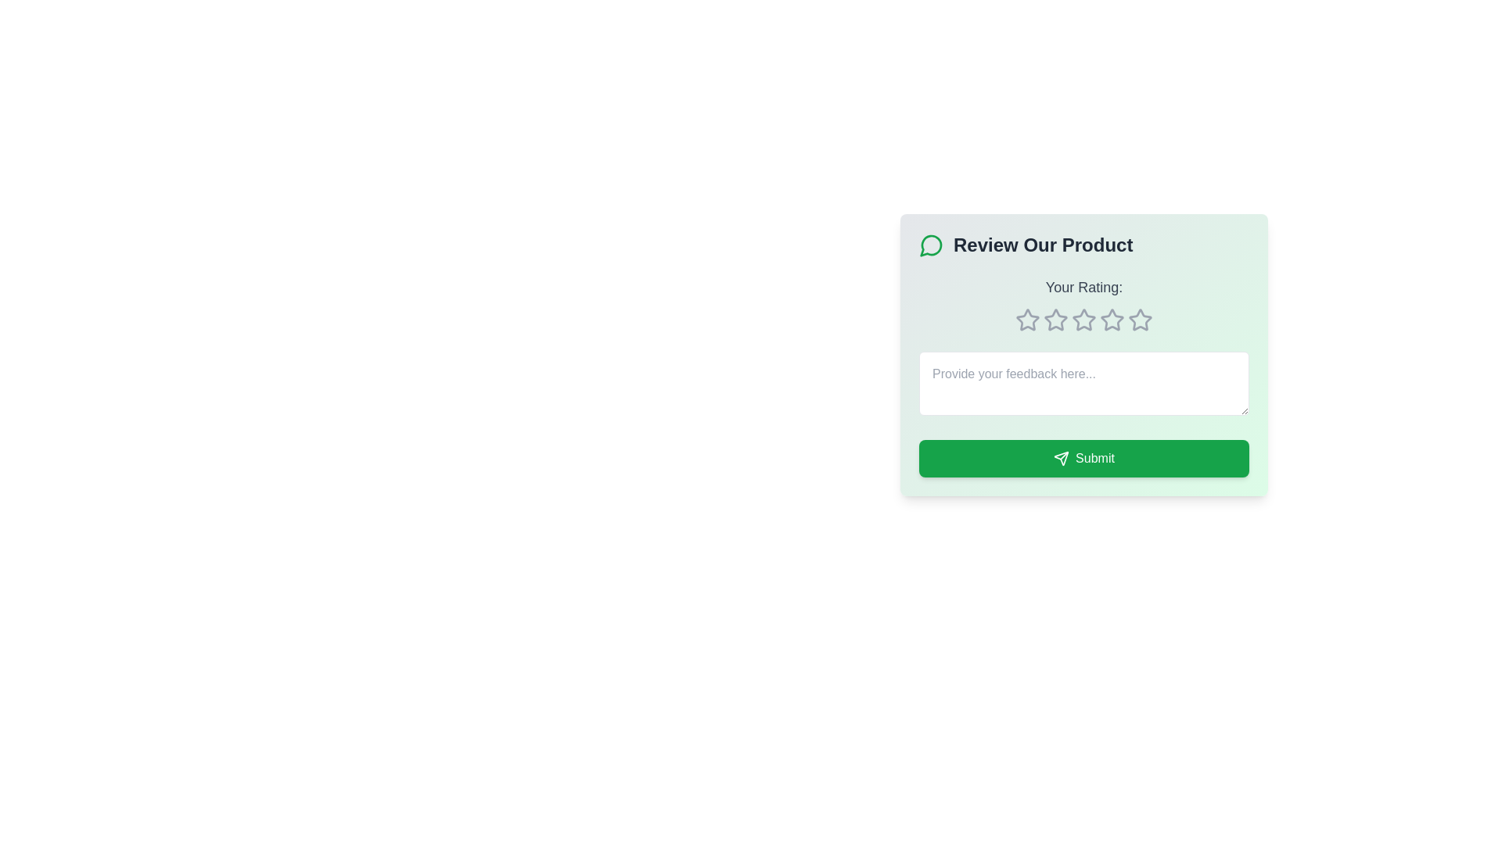  Describe the element at coordinates (1111, 319) in the screenshot. I see `on the fifth interactive rating star located below the 'Your Rating' label on the feedback form` at that location.